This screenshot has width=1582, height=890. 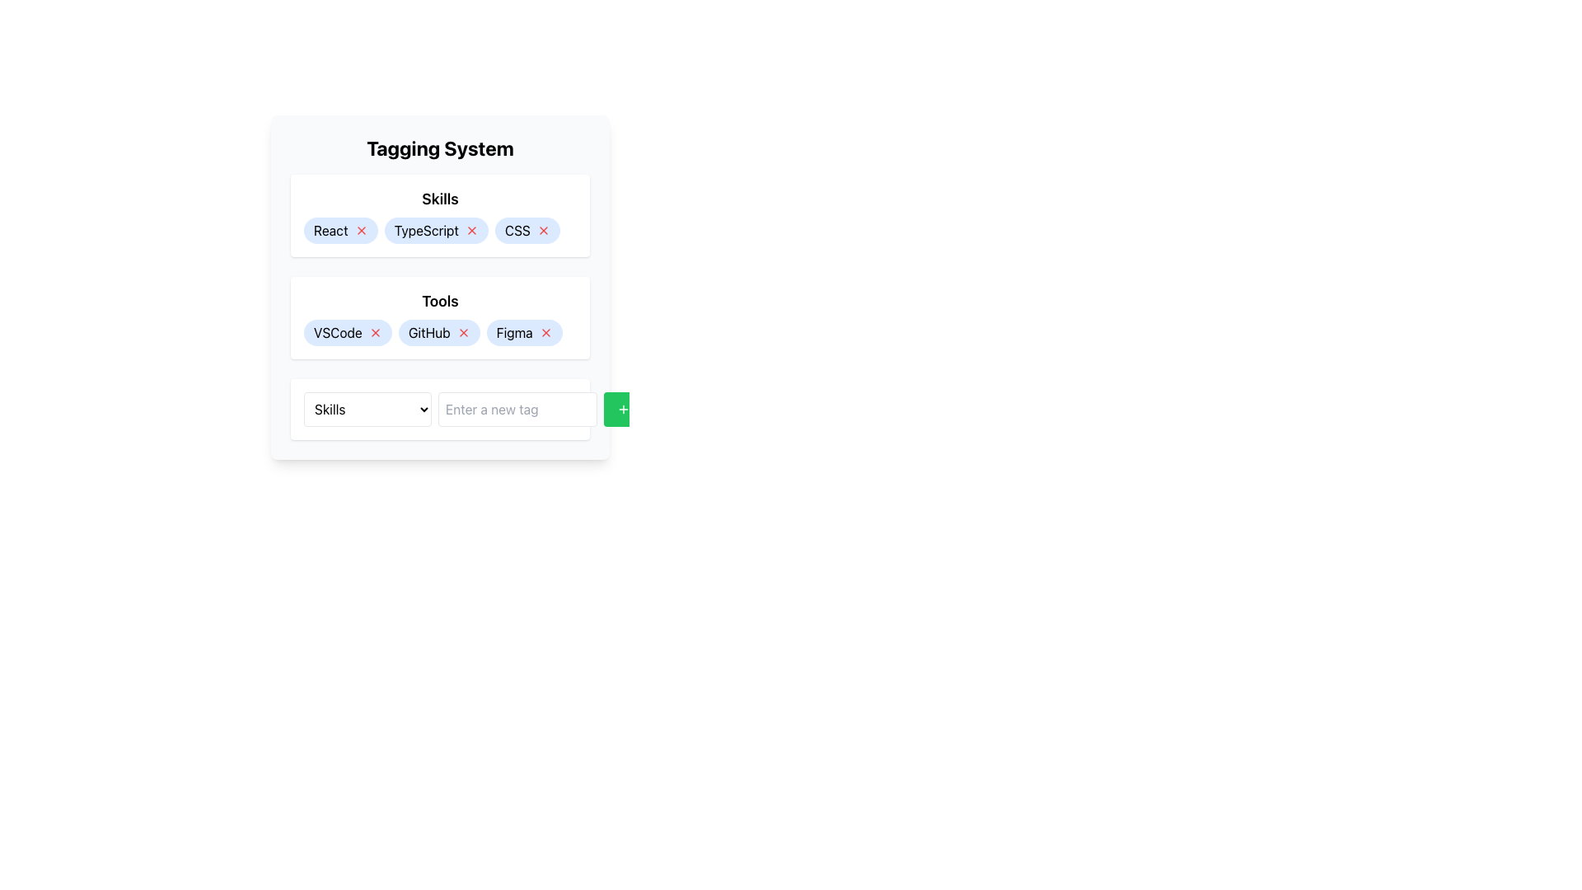 I want to click on the red 'X' icon button located at the right end of the blue badge labeled 'TypeScript' for interaction feedback, so click(x=470, y=231).